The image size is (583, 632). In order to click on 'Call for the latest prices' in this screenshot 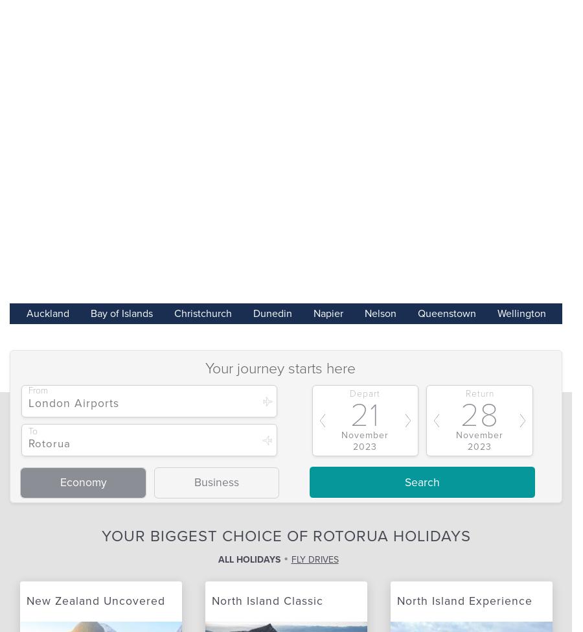, I will do `click(180, 67)`.